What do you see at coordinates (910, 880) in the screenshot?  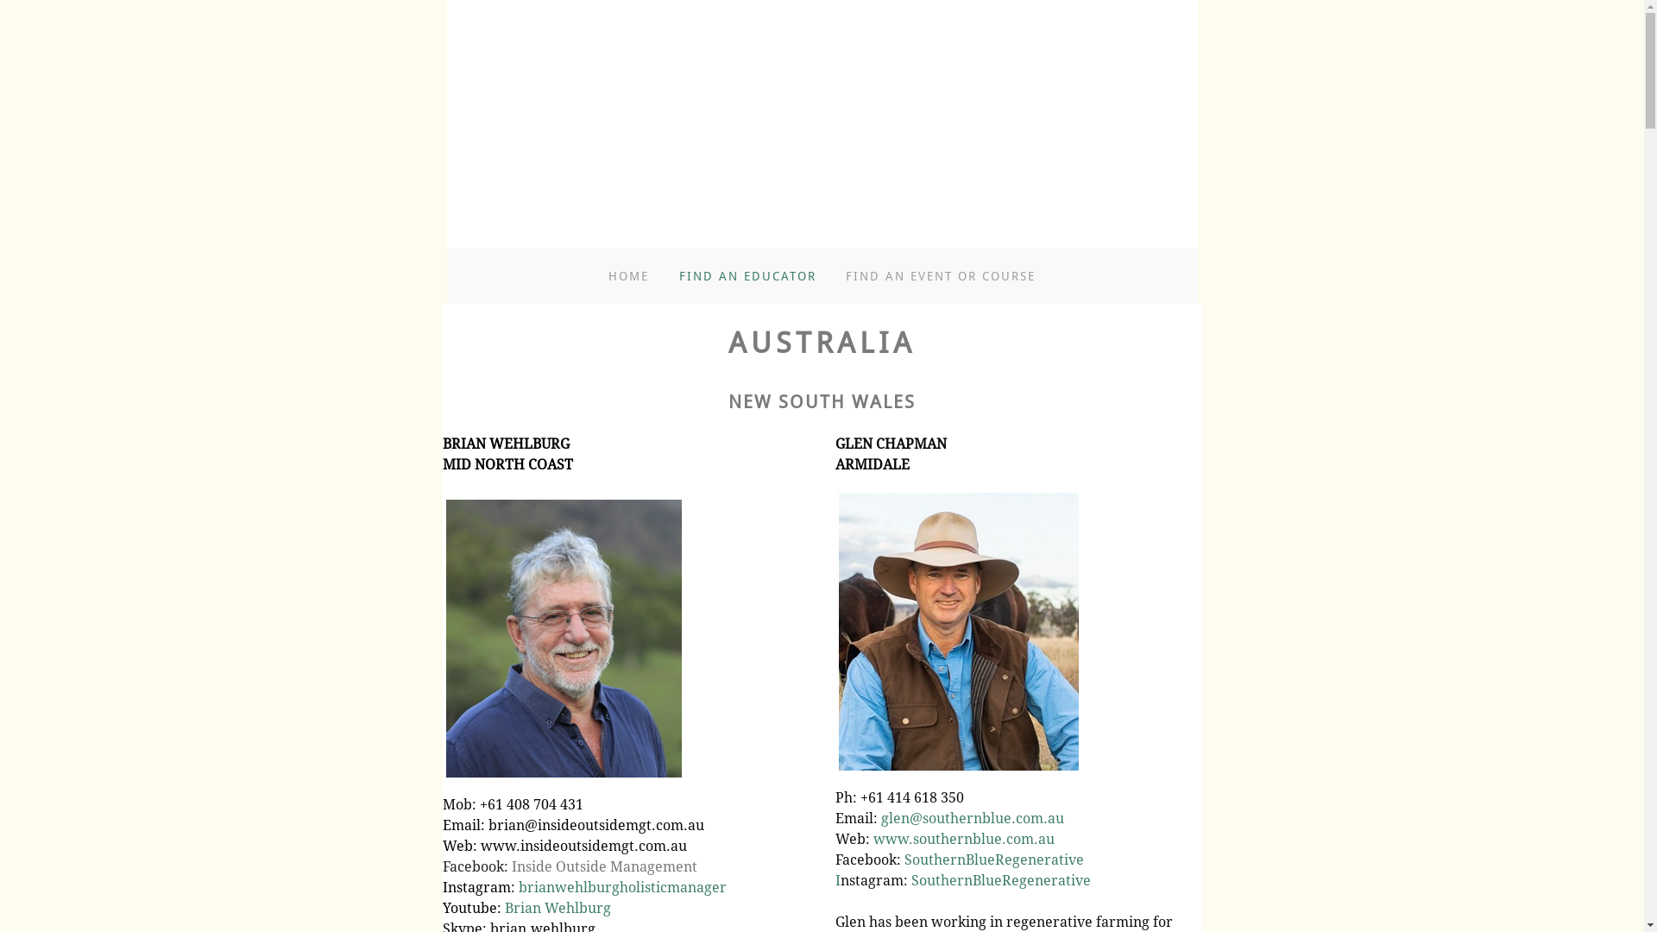 I see `'SouthernBlueRegenerative'` at bounding box center [910, 880].